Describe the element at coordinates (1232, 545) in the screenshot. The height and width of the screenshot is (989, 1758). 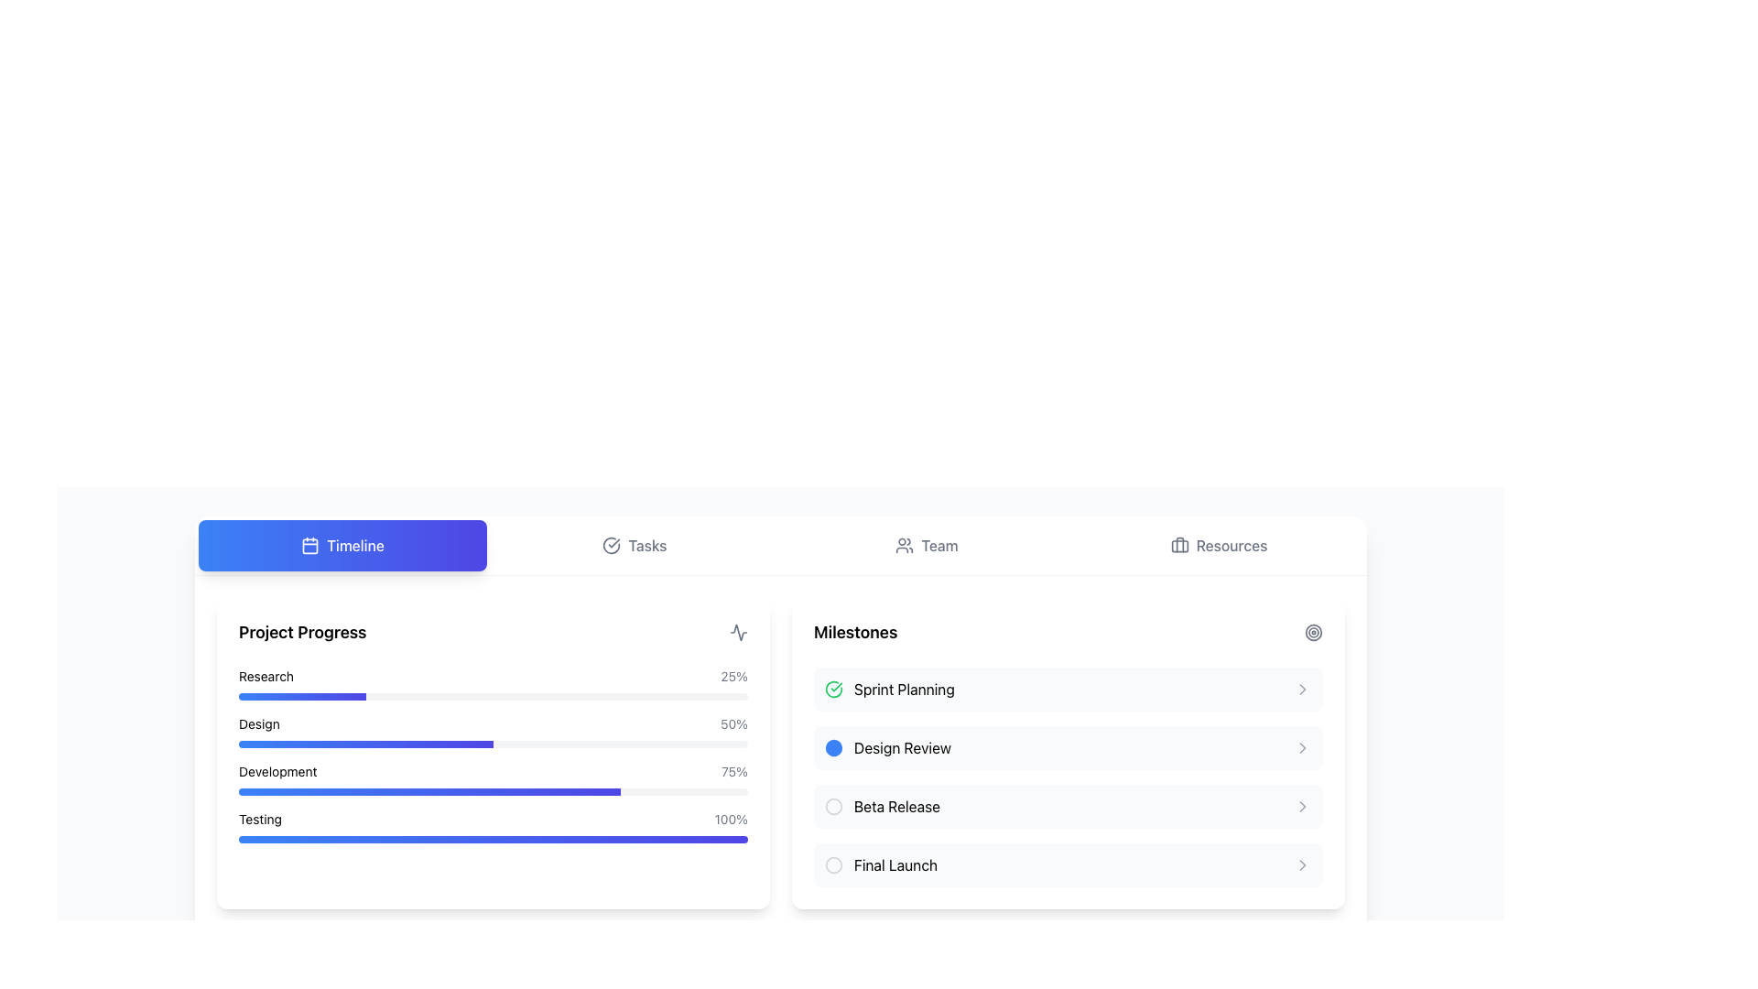
I see `the 'Resources' text label in the horizontal navigation bar, which is styled with medium font weight and gray color, located next to a briefcase icon` at that location.